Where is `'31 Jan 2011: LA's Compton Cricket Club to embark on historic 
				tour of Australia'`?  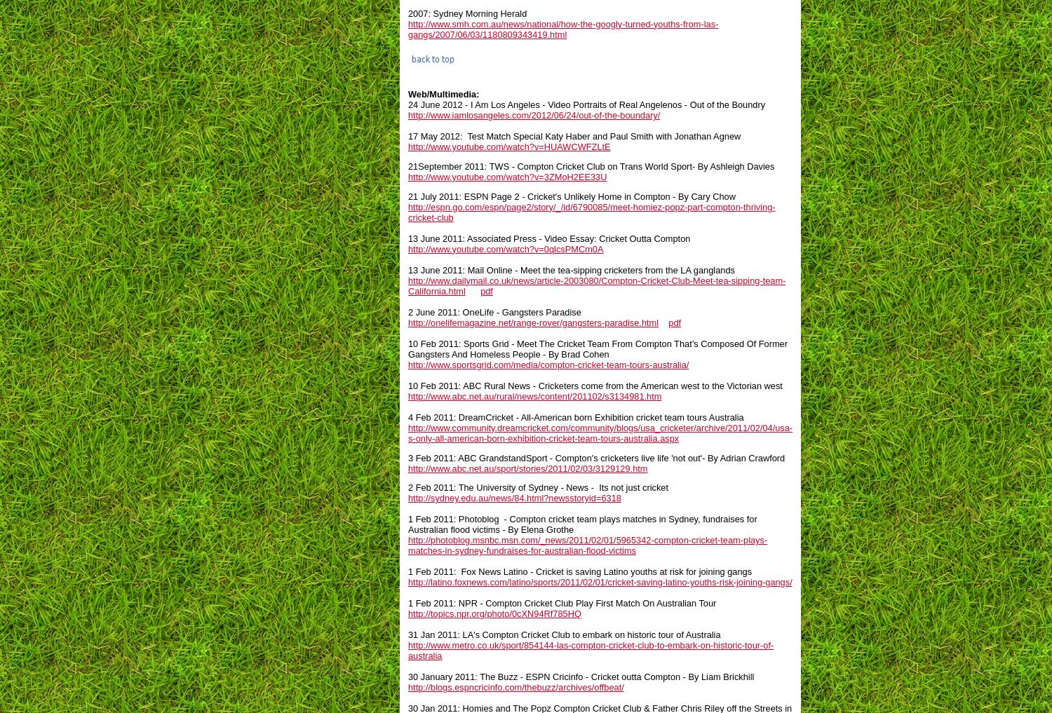 '31 Jan 2011: LA's Compton Cricket Club to embark on historic 
				tour of Australia' is located at coordinates (564, 634).